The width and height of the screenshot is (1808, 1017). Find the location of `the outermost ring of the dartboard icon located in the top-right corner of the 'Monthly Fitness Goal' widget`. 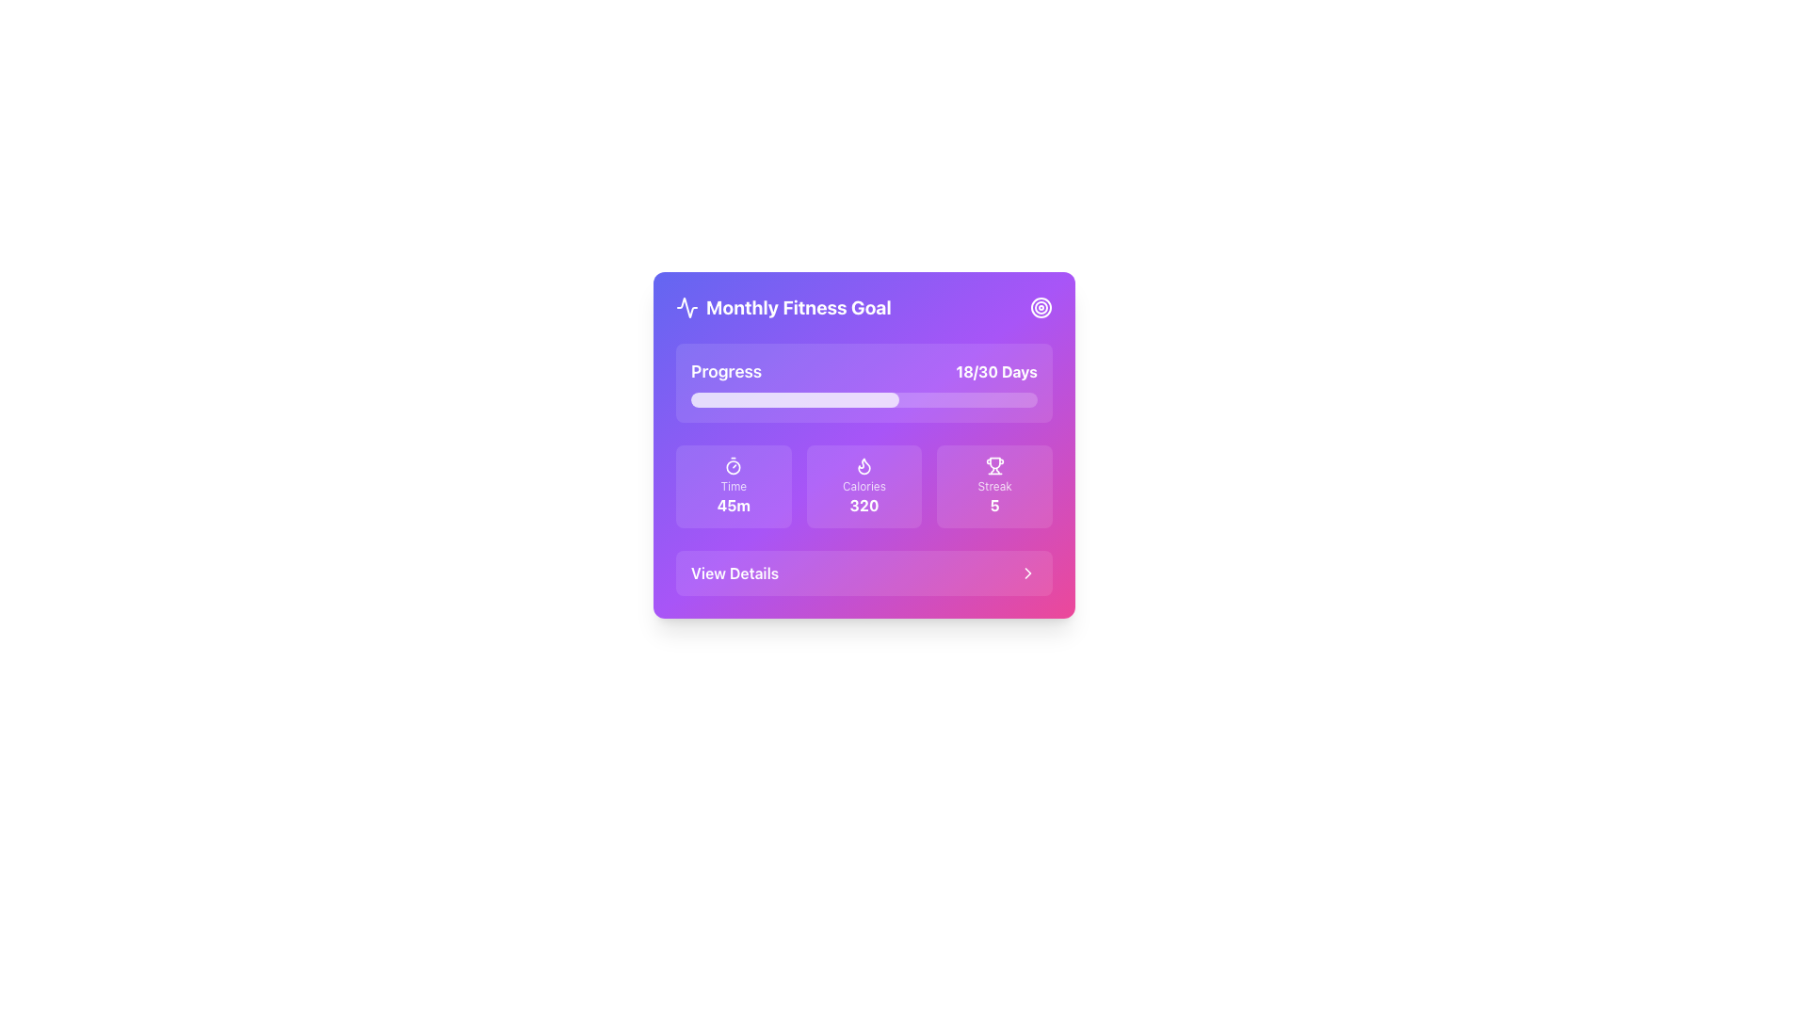

the outermost ring of the dartboard icon located in the top-right corner of the 'Monthly Fitness Goal' widget is located at coordinates (1040, 307).